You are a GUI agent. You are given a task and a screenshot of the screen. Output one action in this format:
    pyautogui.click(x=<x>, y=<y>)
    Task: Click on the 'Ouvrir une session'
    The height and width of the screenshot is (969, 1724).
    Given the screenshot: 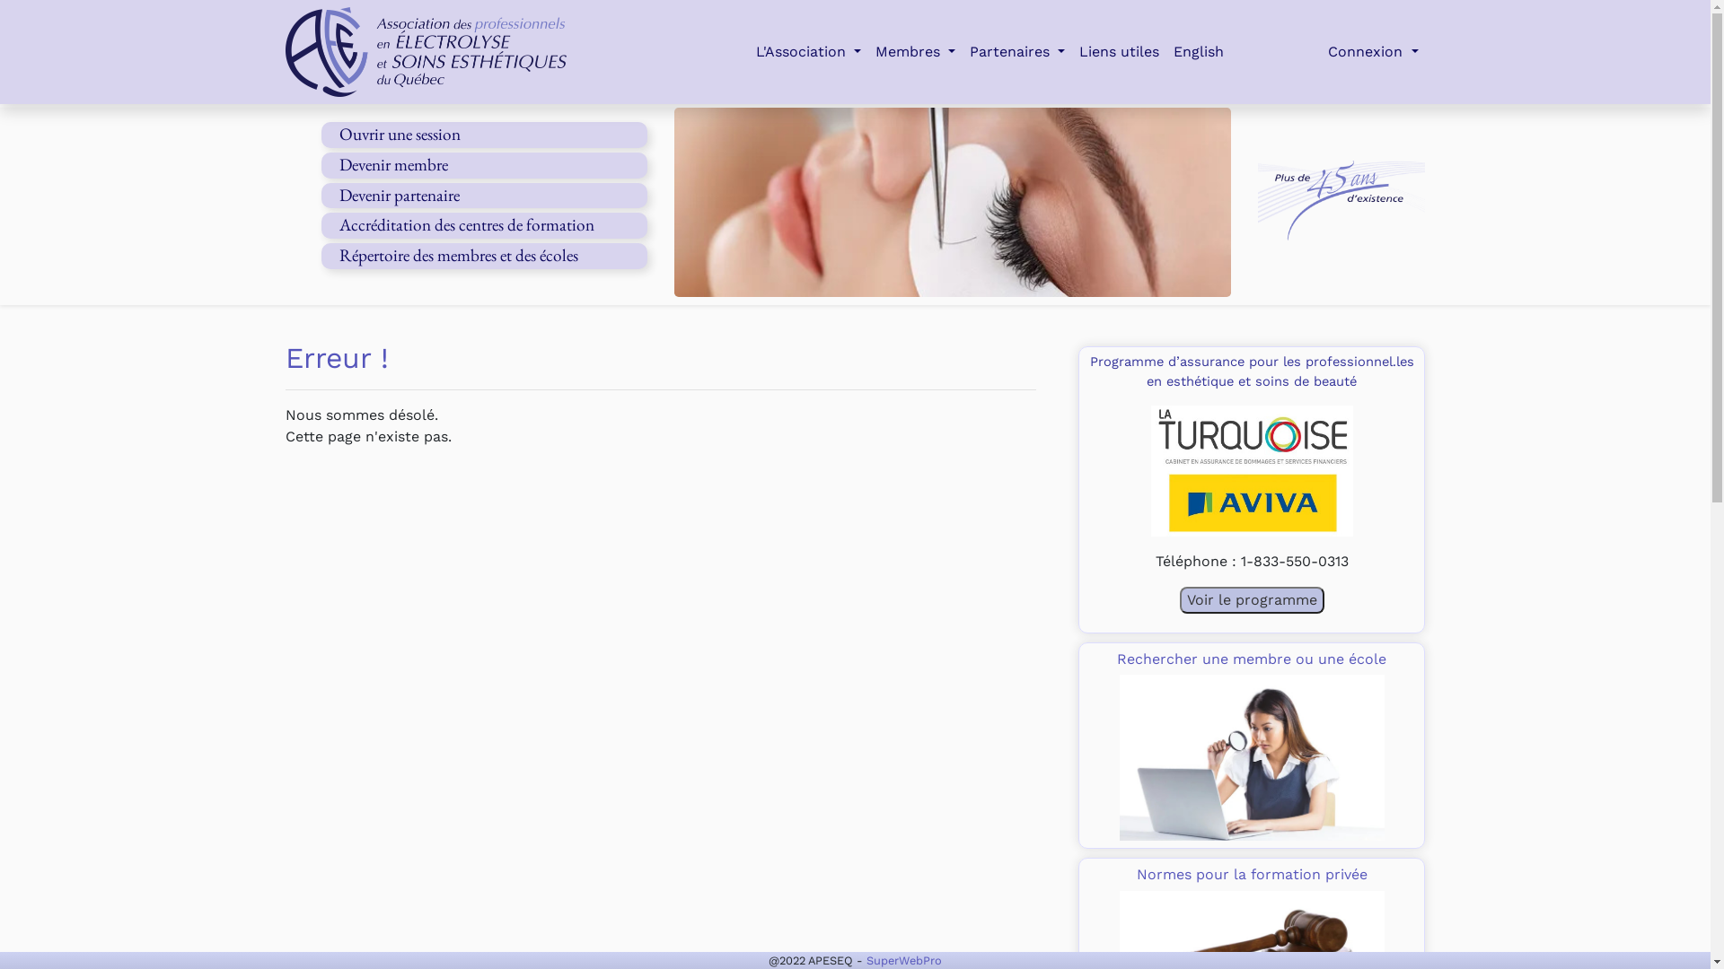 What is the action you would take?
    pyautogui.click(x=399, y=133)
    